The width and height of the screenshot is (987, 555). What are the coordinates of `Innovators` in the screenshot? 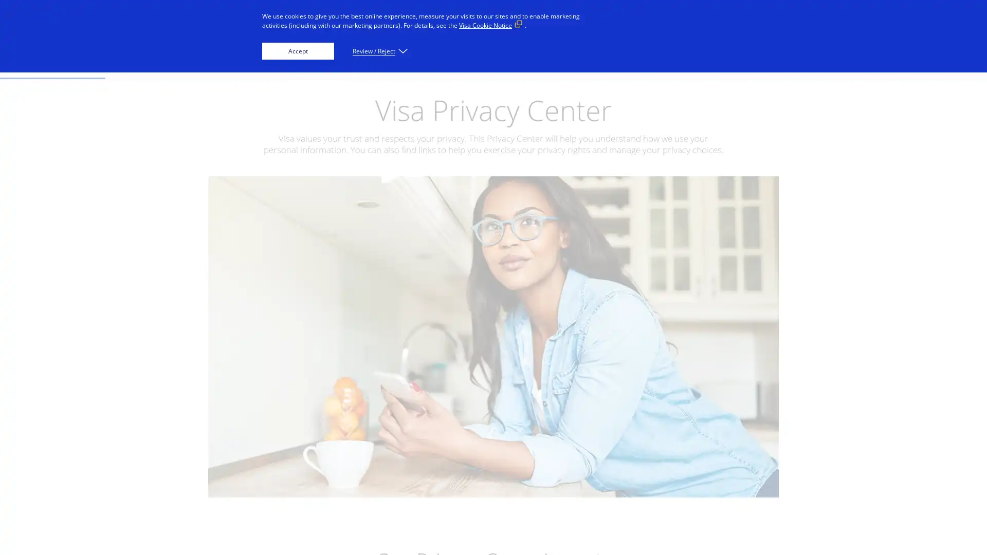 It's located at (559, 27).